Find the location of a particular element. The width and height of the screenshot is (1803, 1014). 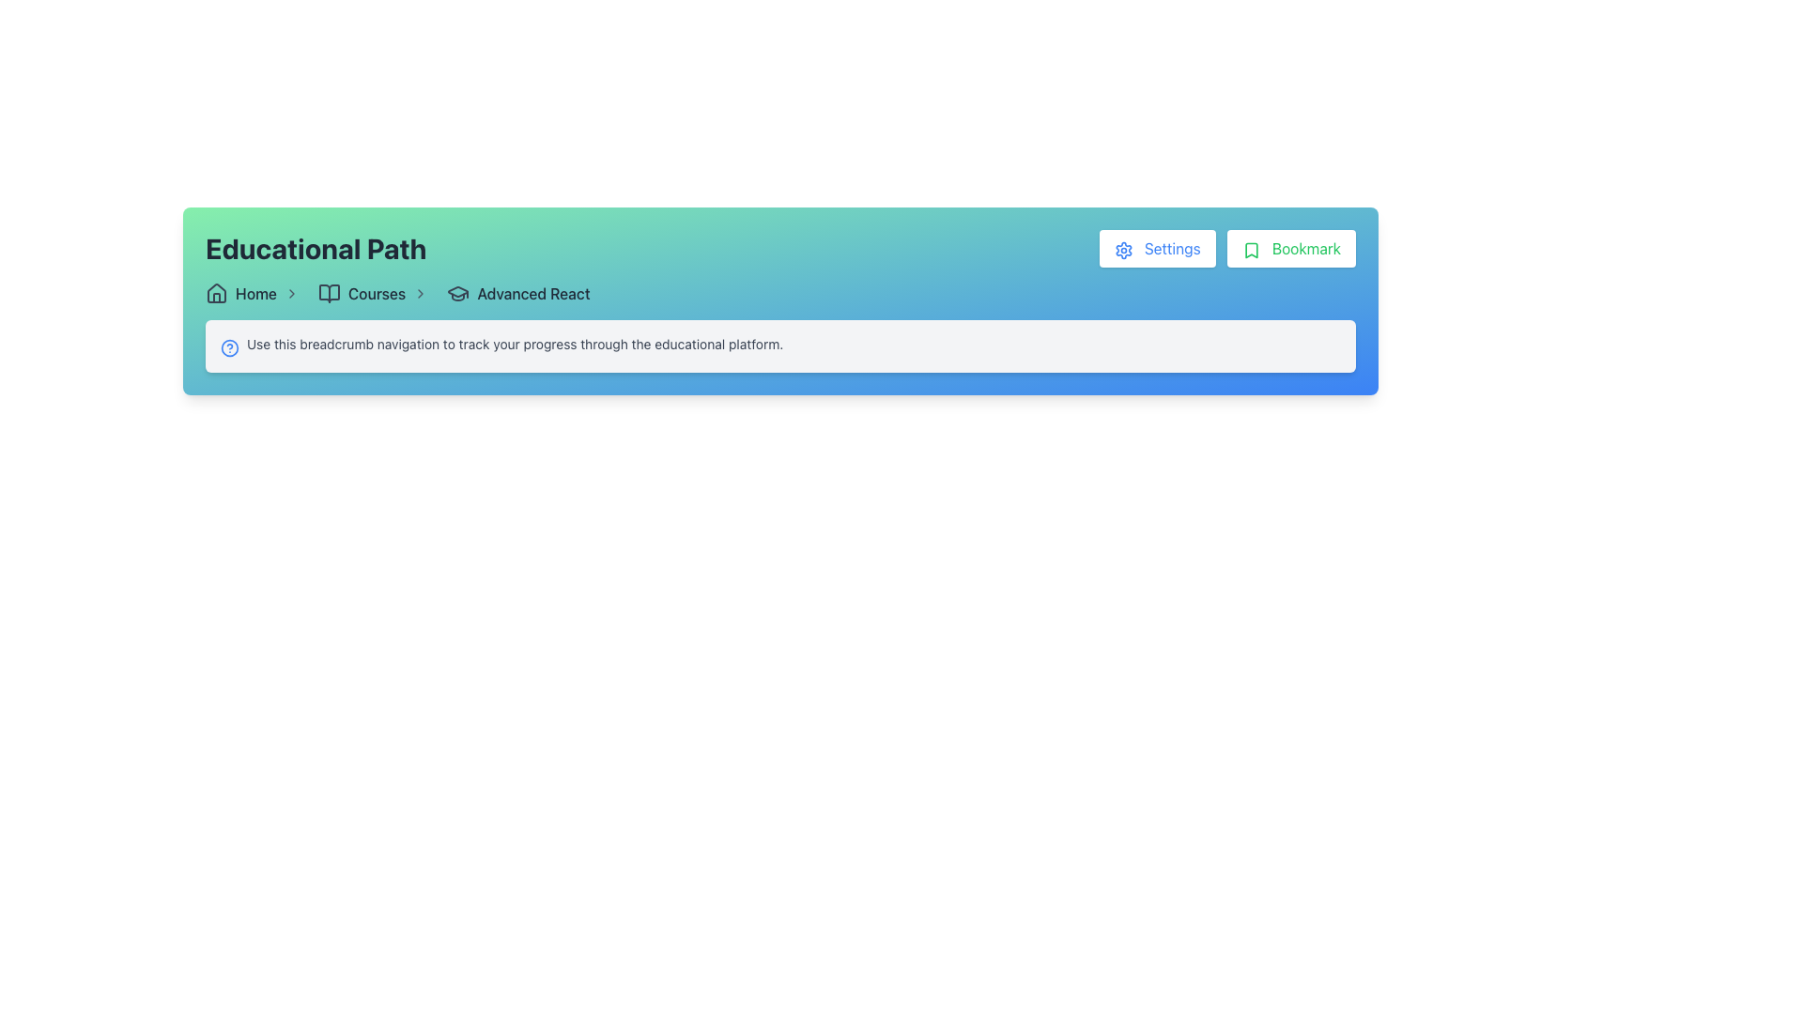

the gear-shaped icon located in the top-right corner of the navigation bar, next to the 'Settings' button is located at coordinates (1123, 249).